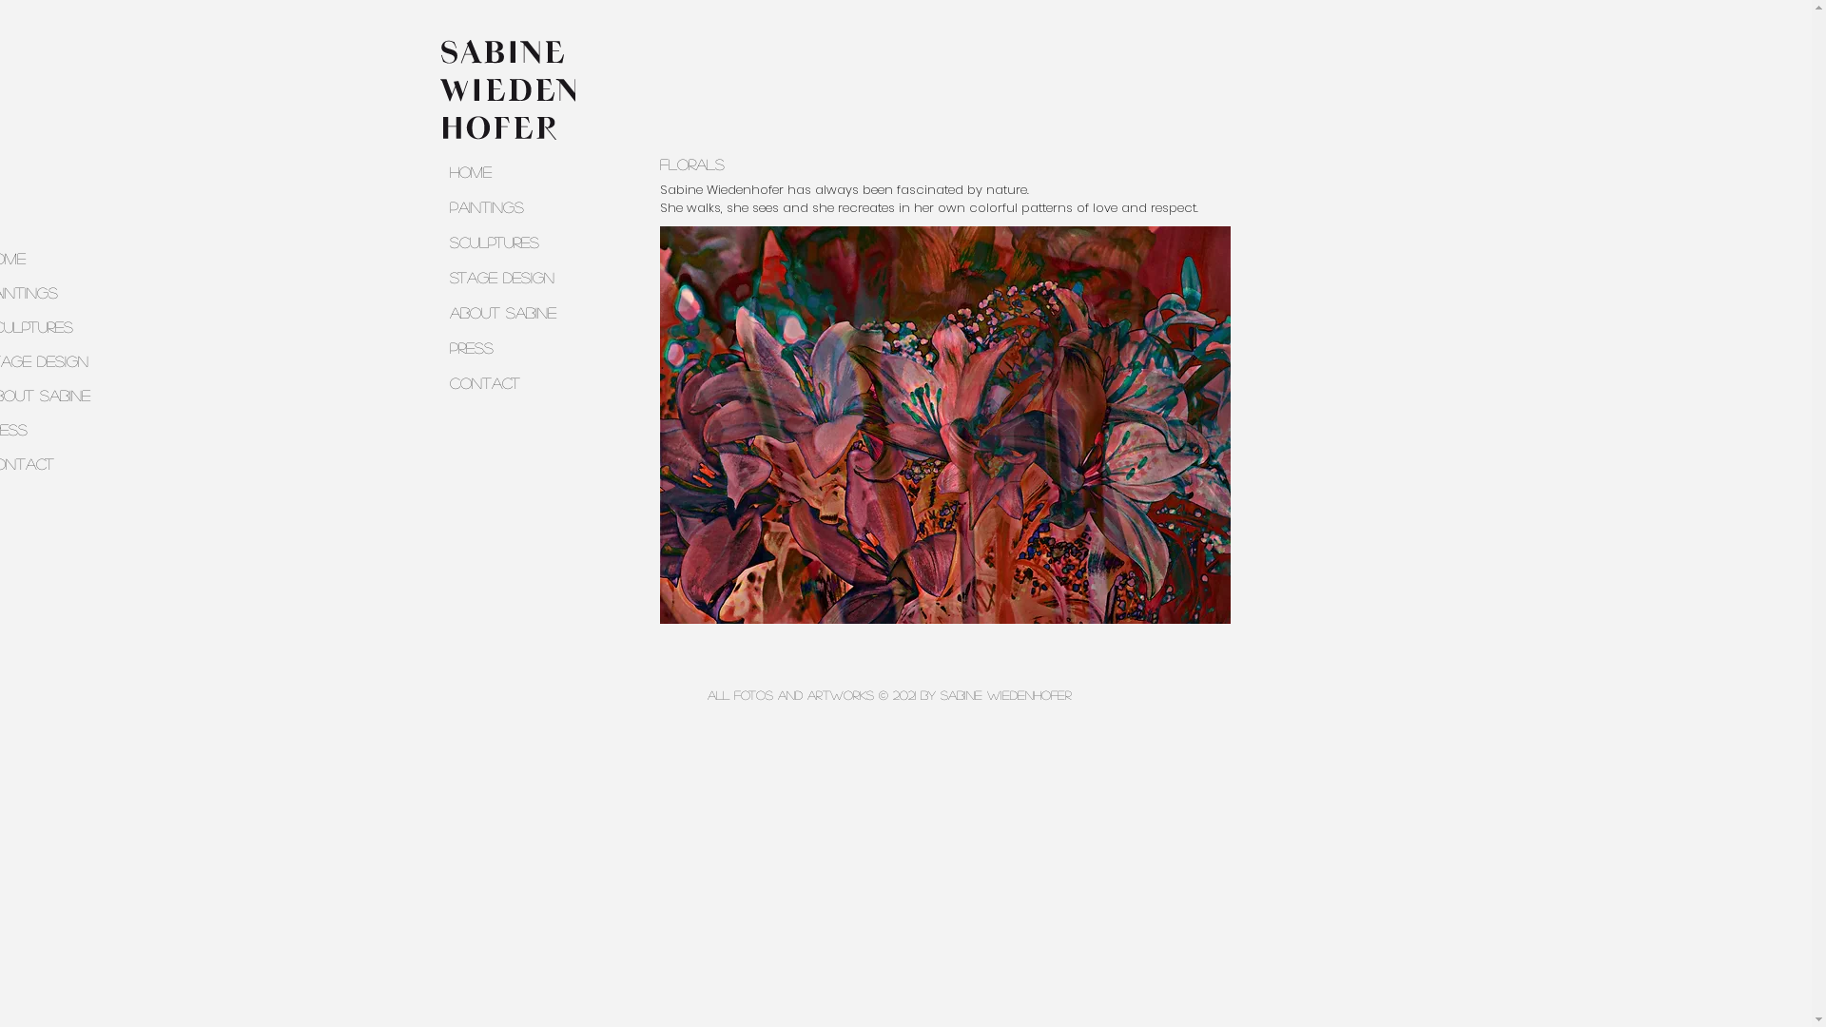  What do you see at coordinates (437, 347) in the screenshot?
I see `'Press'` at bounding box center [437, 347].